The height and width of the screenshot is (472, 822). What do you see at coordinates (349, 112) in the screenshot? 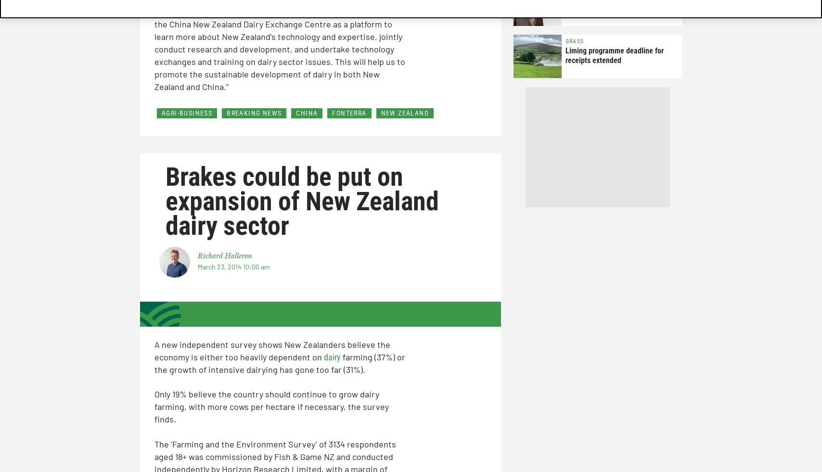
I see `'FONTERRA'` at bounding box center [349, 112].